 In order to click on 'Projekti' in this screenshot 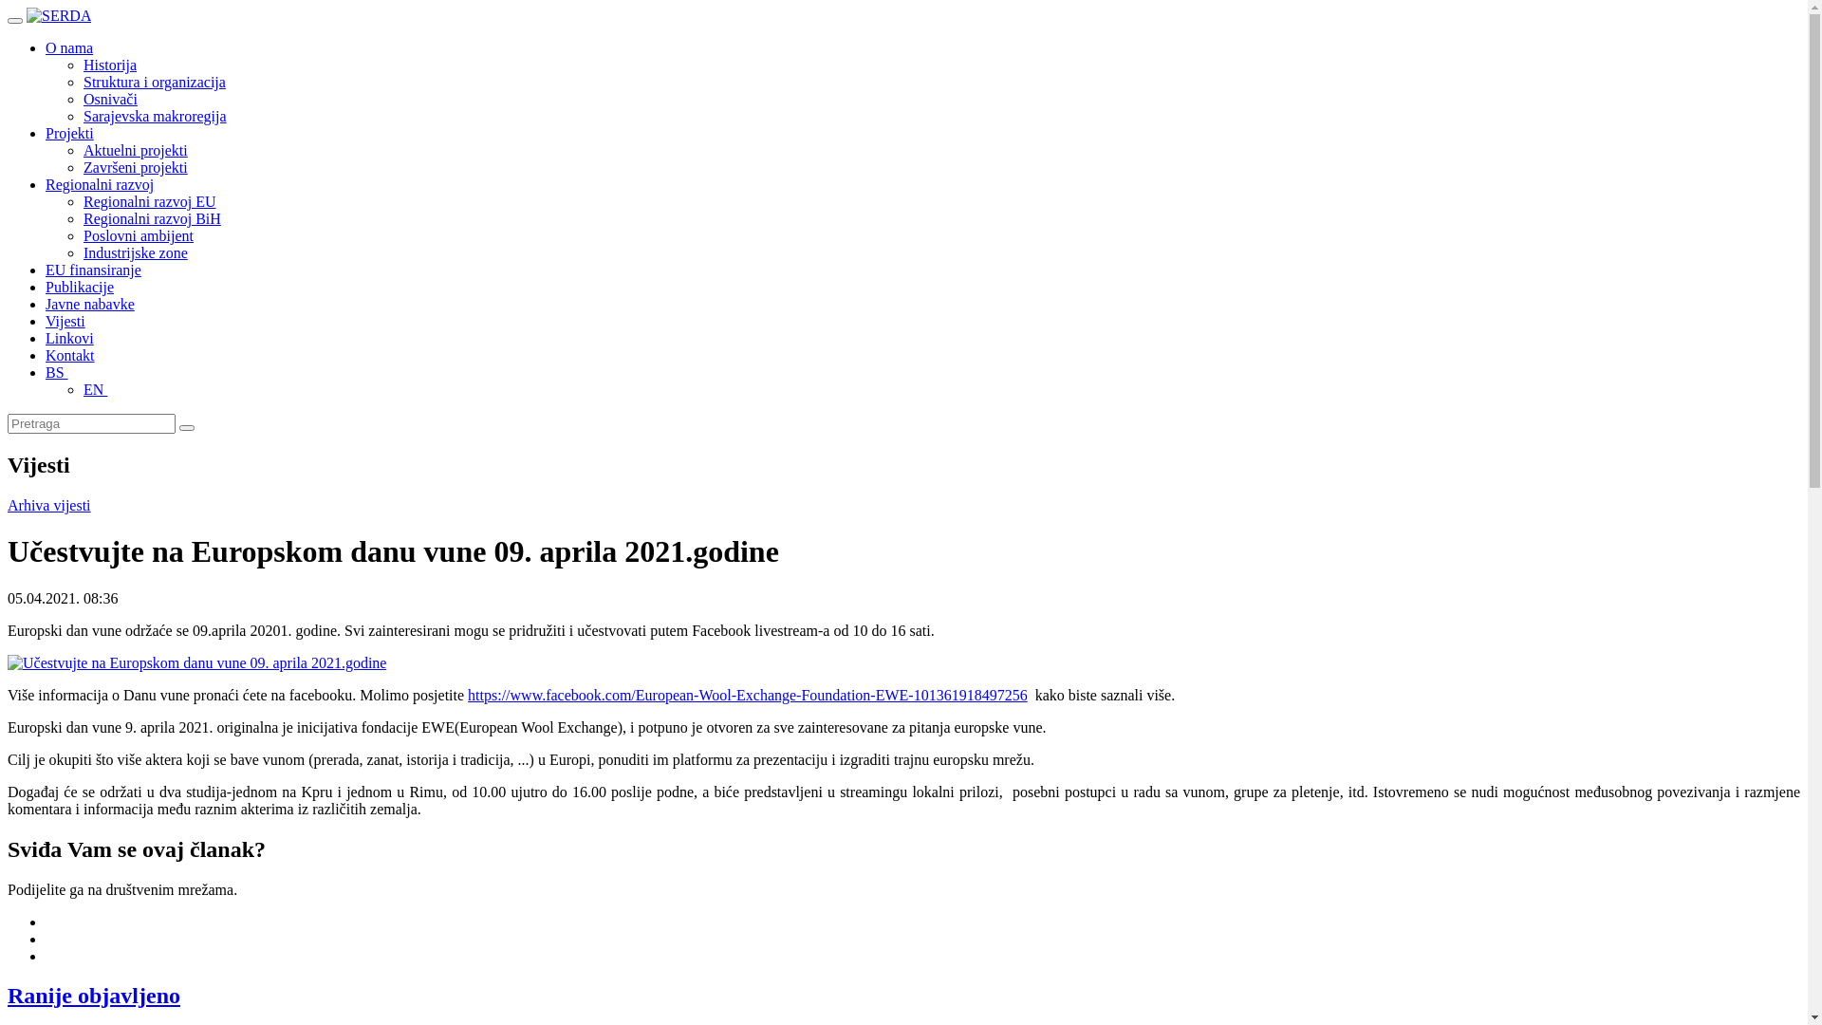, I will do `click(69, 132)`.